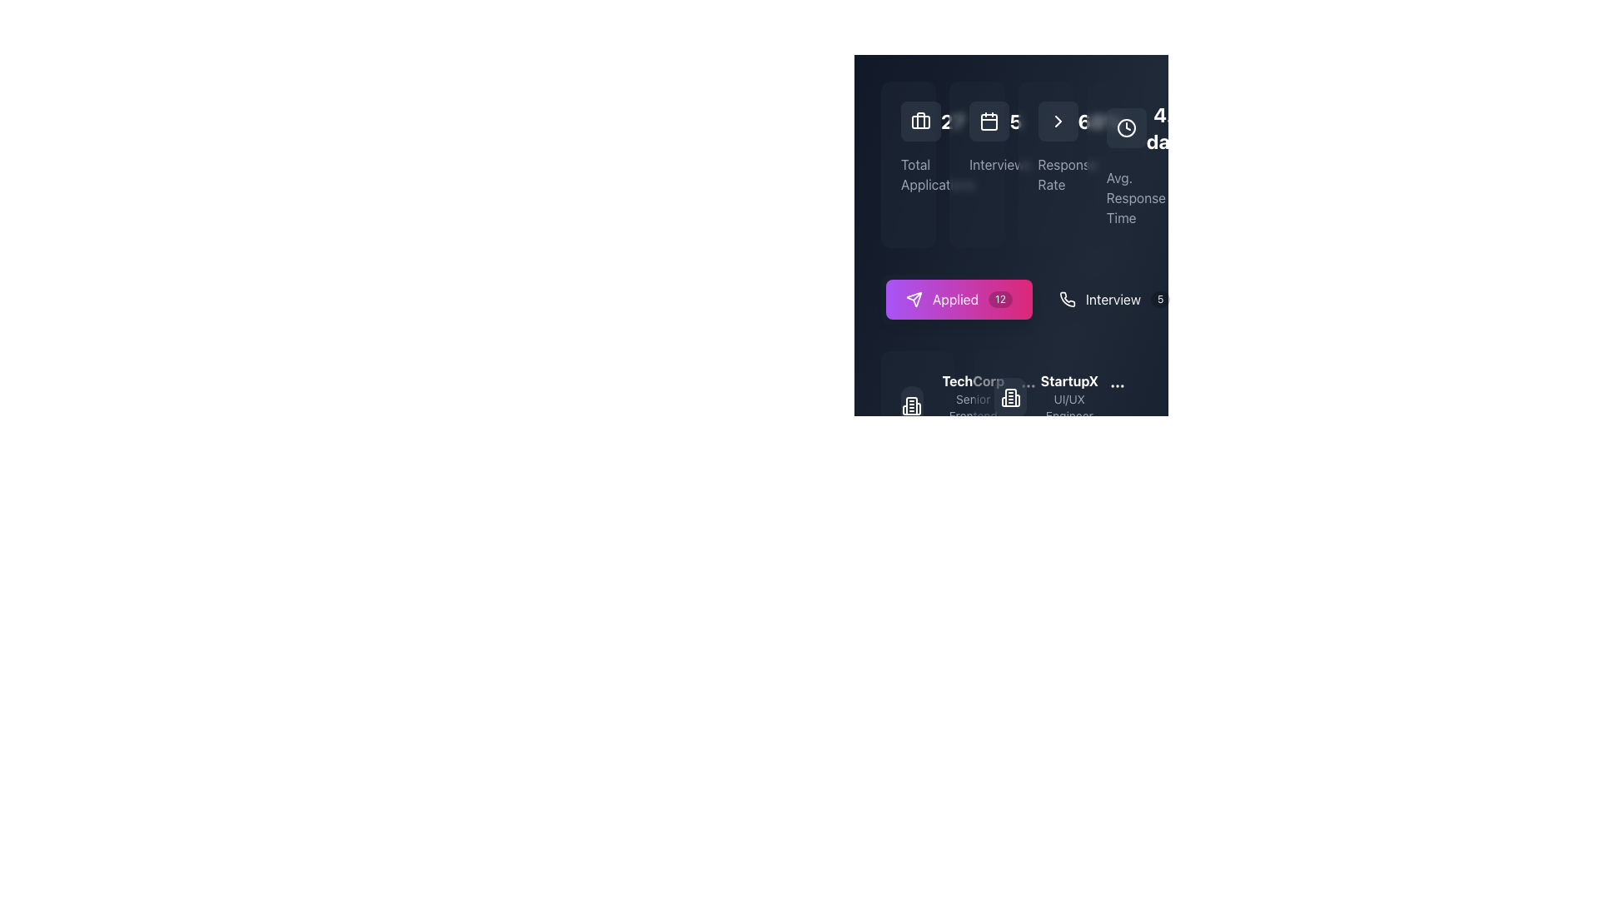  What do you see at coordinates (919, 121) in the screenshot?
I see `the suitcase icon, which features a minimalistic SVG design with a rectangular body and rounded corners, located at the top-left side of the UI section` at bounding box center [919, 121].